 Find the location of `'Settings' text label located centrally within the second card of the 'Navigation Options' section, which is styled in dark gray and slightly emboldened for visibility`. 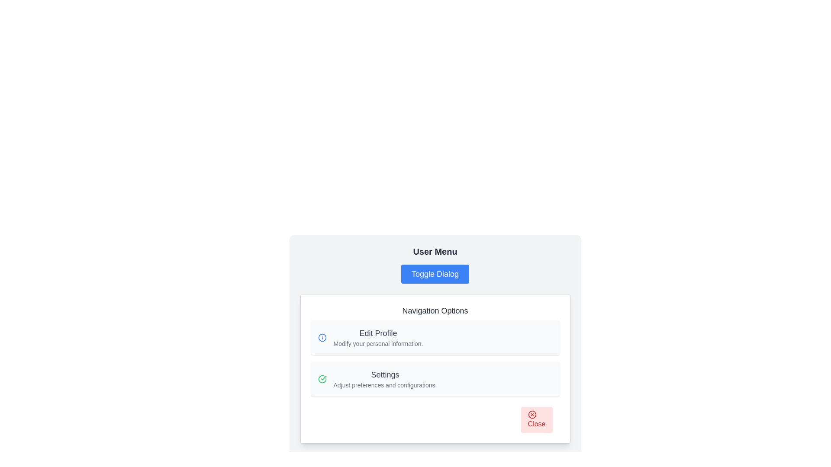

'Settings' text label located centrally within the second card of the 'Navigation Options' section, which is styled in dark gray and slightly emboldened for visibility is located at coordinates (384, 374).